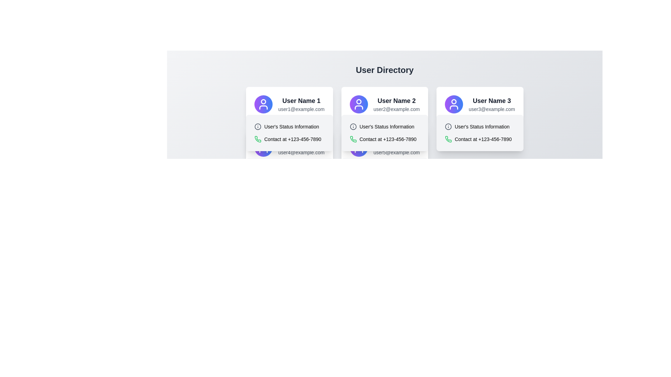 This screenshot has height=377, width=671. I want to click on the informational component displaying 'User's Status Information' and contact number '+123-456-7890' associated with the third user profile, so click(479, 133).